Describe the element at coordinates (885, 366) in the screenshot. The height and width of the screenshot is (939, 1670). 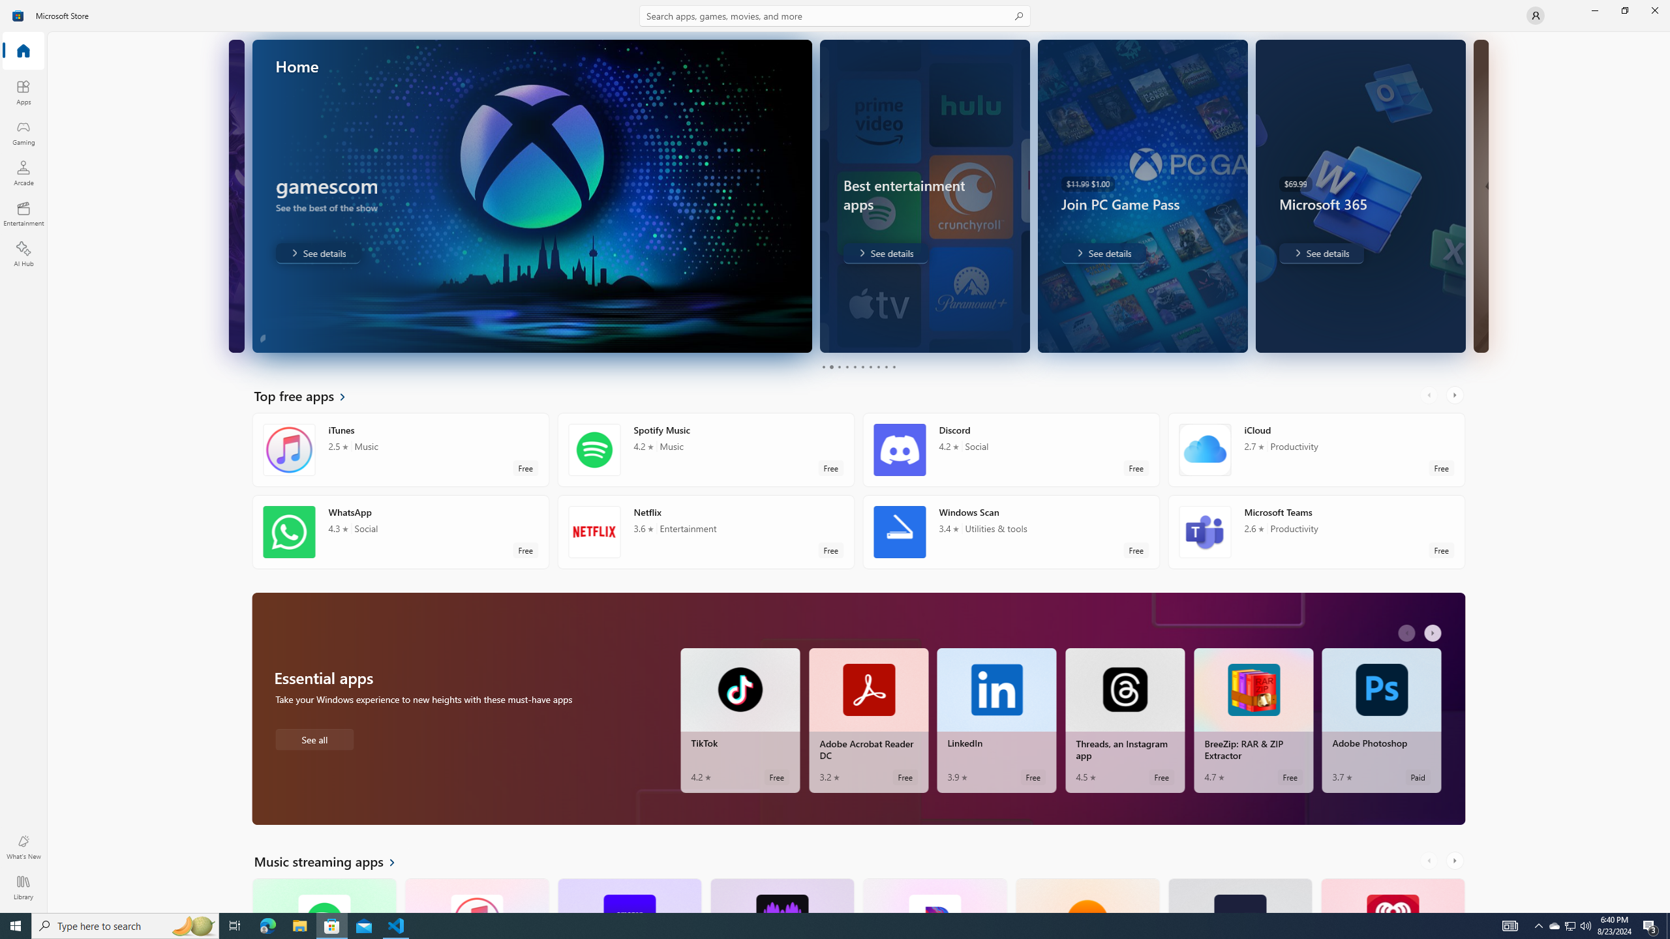
I see `'Page 9'` at that location.